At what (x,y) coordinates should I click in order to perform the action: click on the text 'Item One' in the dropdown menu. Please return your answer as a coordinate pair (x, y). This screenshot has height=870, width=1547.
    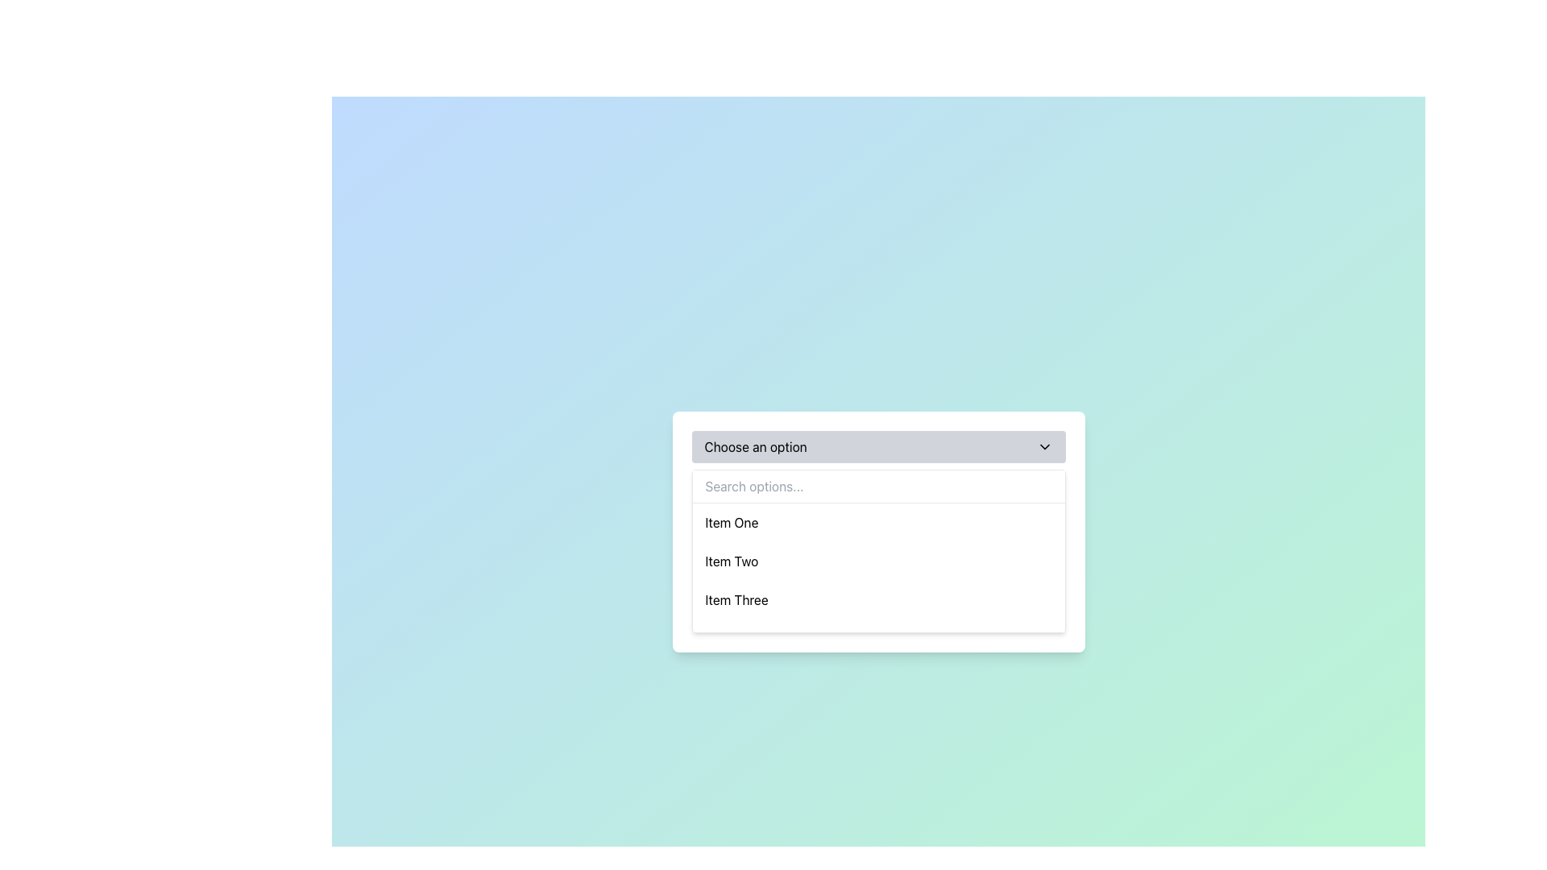
    Looking at the image, I should click on (730, 522).